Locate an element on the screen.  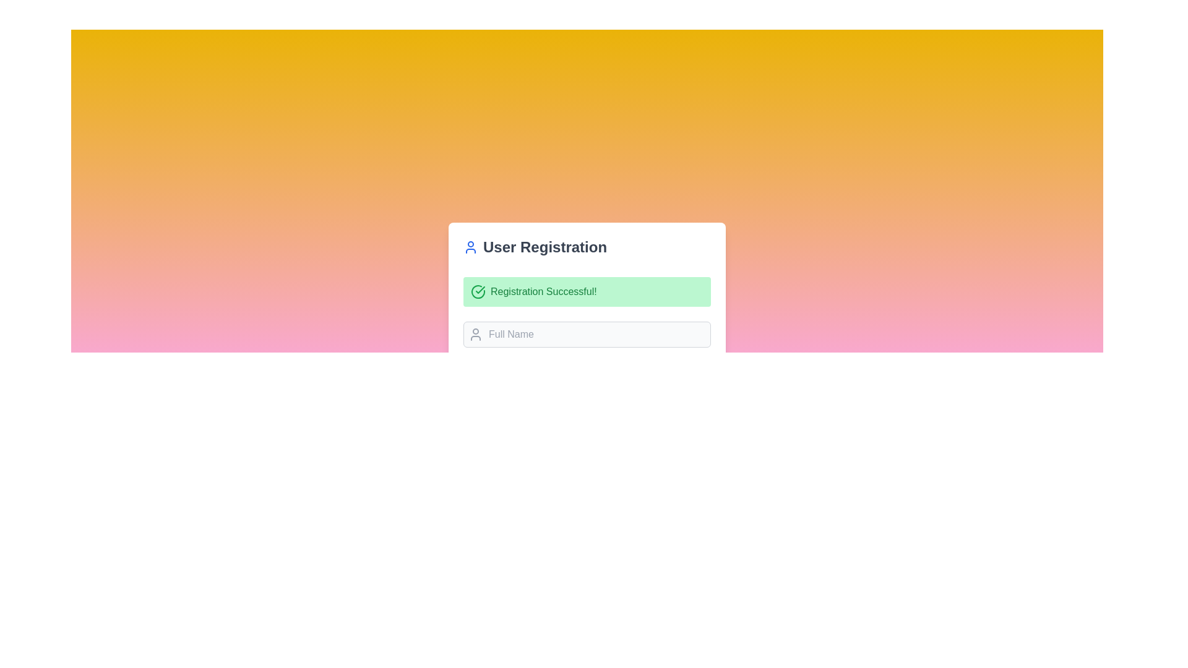
the user profile icon located to the left of the 'User Registration' text is located at coordinates (470, 247).